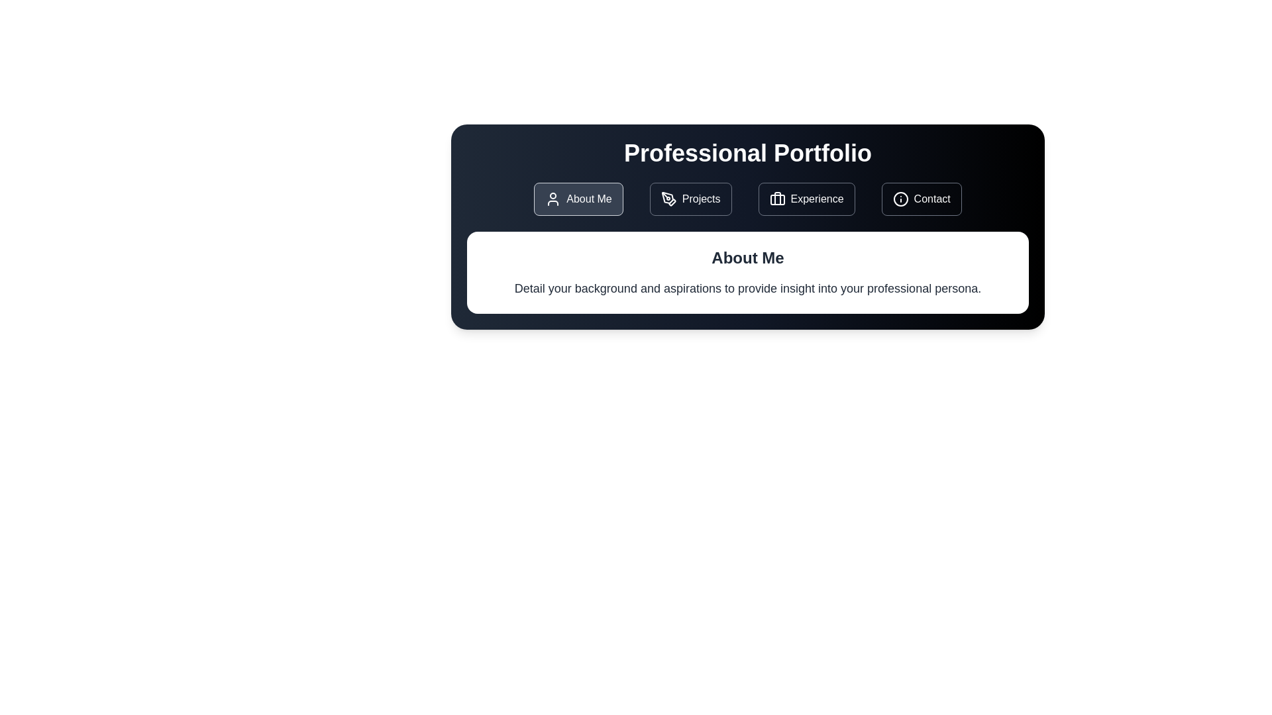 The width and height of the screenshot is (1272, 715). Describe the element at coordinates (921, 199) in the screenshot. I see `the 'Contact' button located at the far-right end of the button group` at that location.